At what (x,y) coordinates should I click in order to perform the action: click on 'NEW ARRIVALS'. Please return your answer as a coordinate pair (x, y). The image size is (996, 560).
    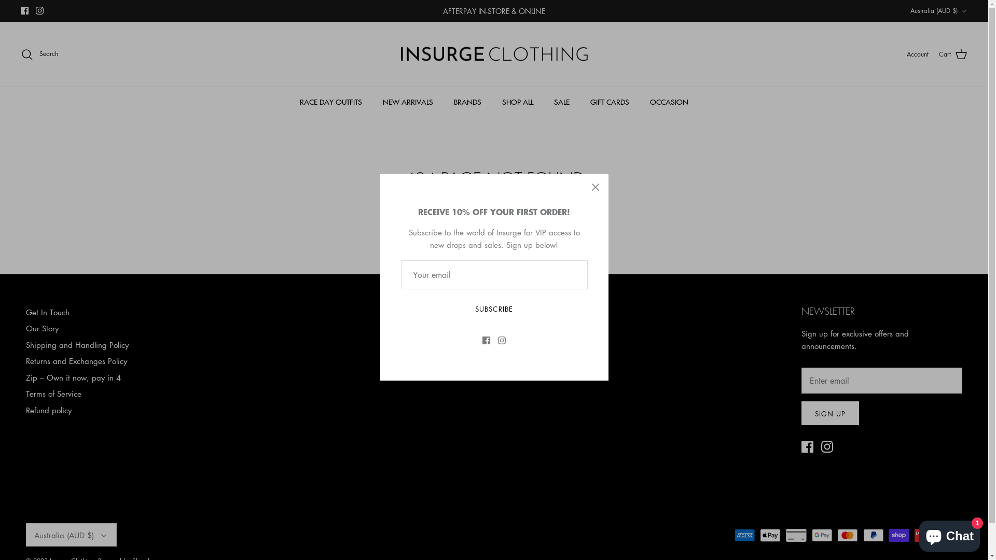
    Looking at the image, I should click on (374, 102).